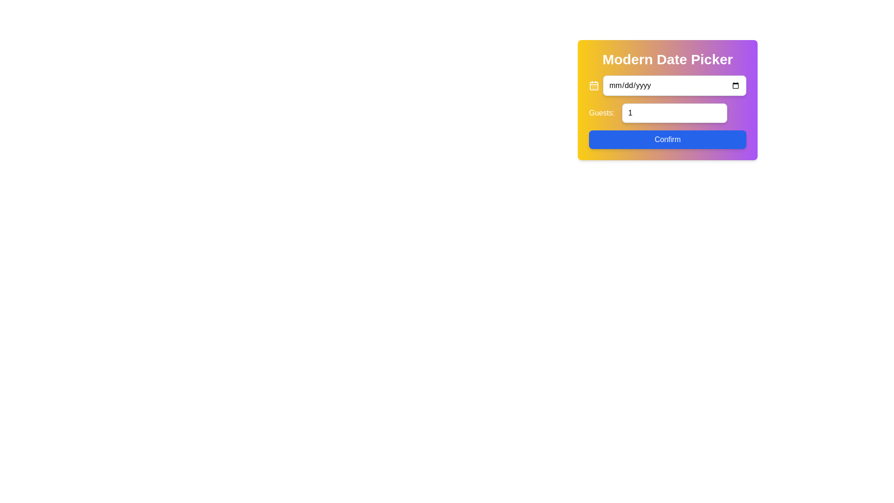 Image resolution: width=894 pixels, height=503 pixels. What do you see at coordinates (593, 86) in the screenshot?
I see `the central rectangular component of the calendar icon located to the left of the 'mm/dd/yyyy' date input field in the Modern Date Picker interface` at bounding box center [593, 86].